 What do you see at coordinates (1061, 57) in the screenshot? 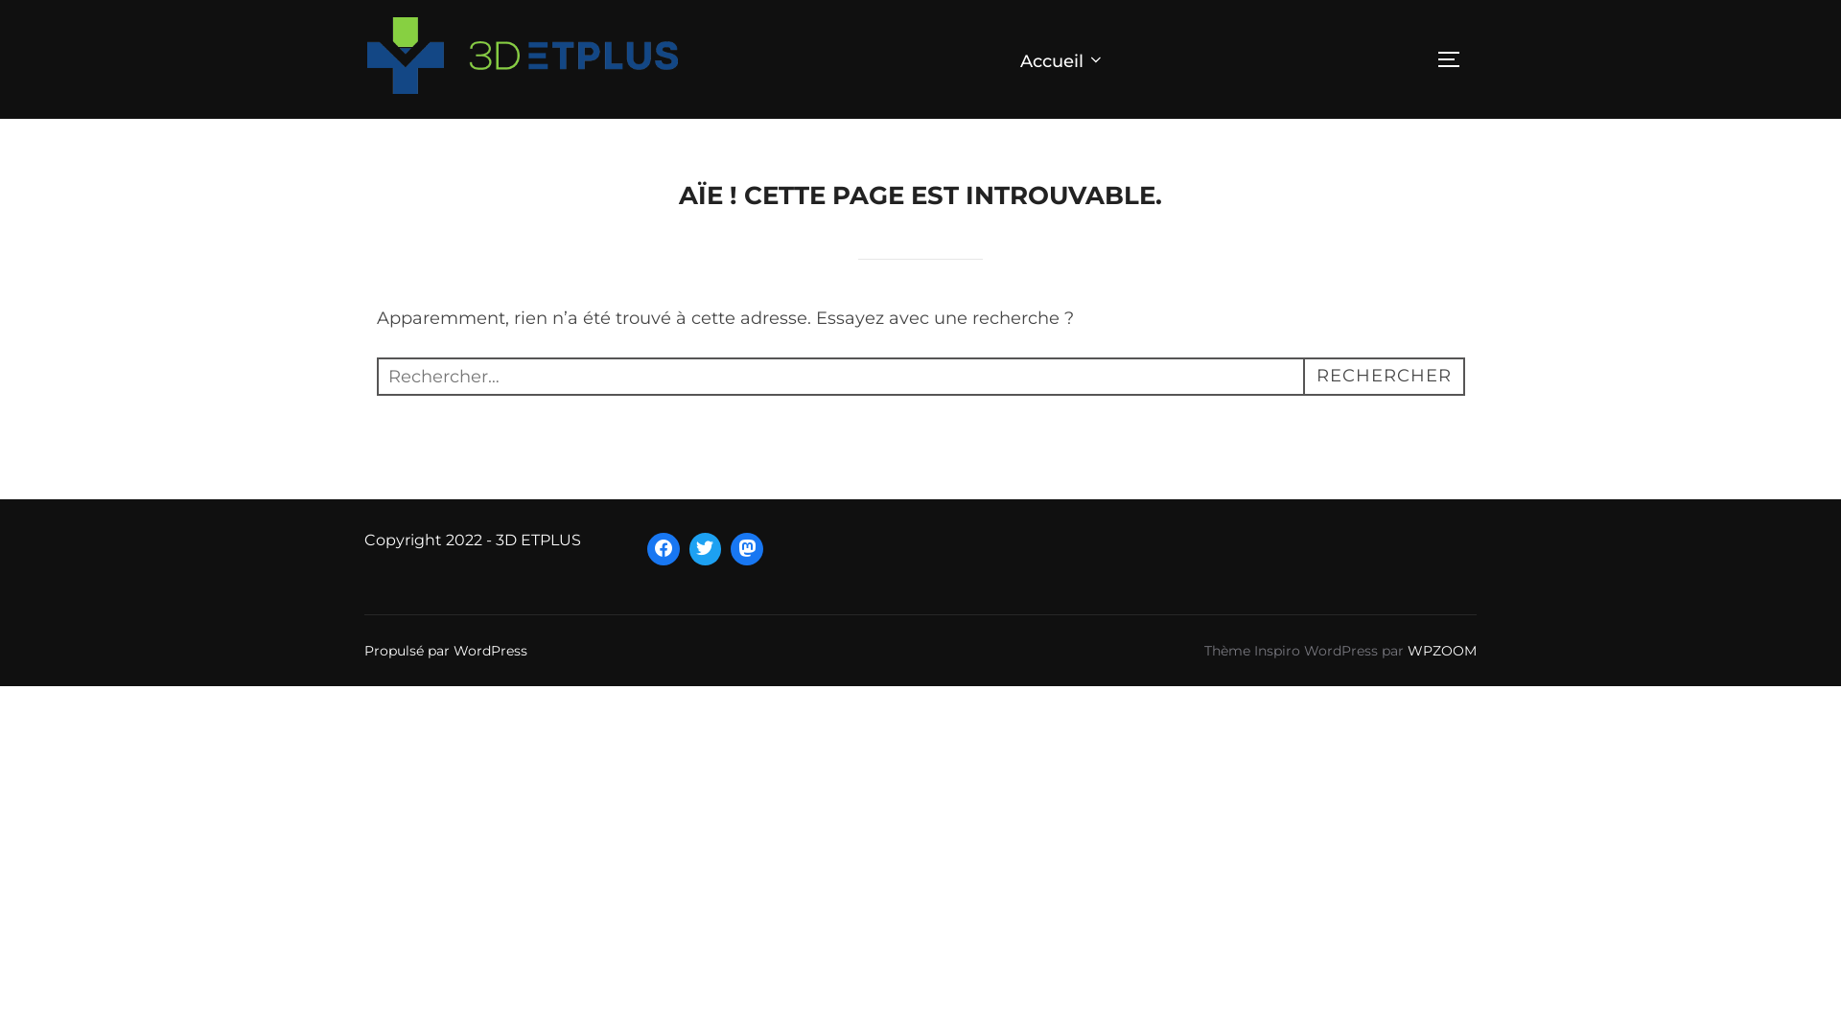
I see `'Accueil'` at bounding box center [1061, 57].